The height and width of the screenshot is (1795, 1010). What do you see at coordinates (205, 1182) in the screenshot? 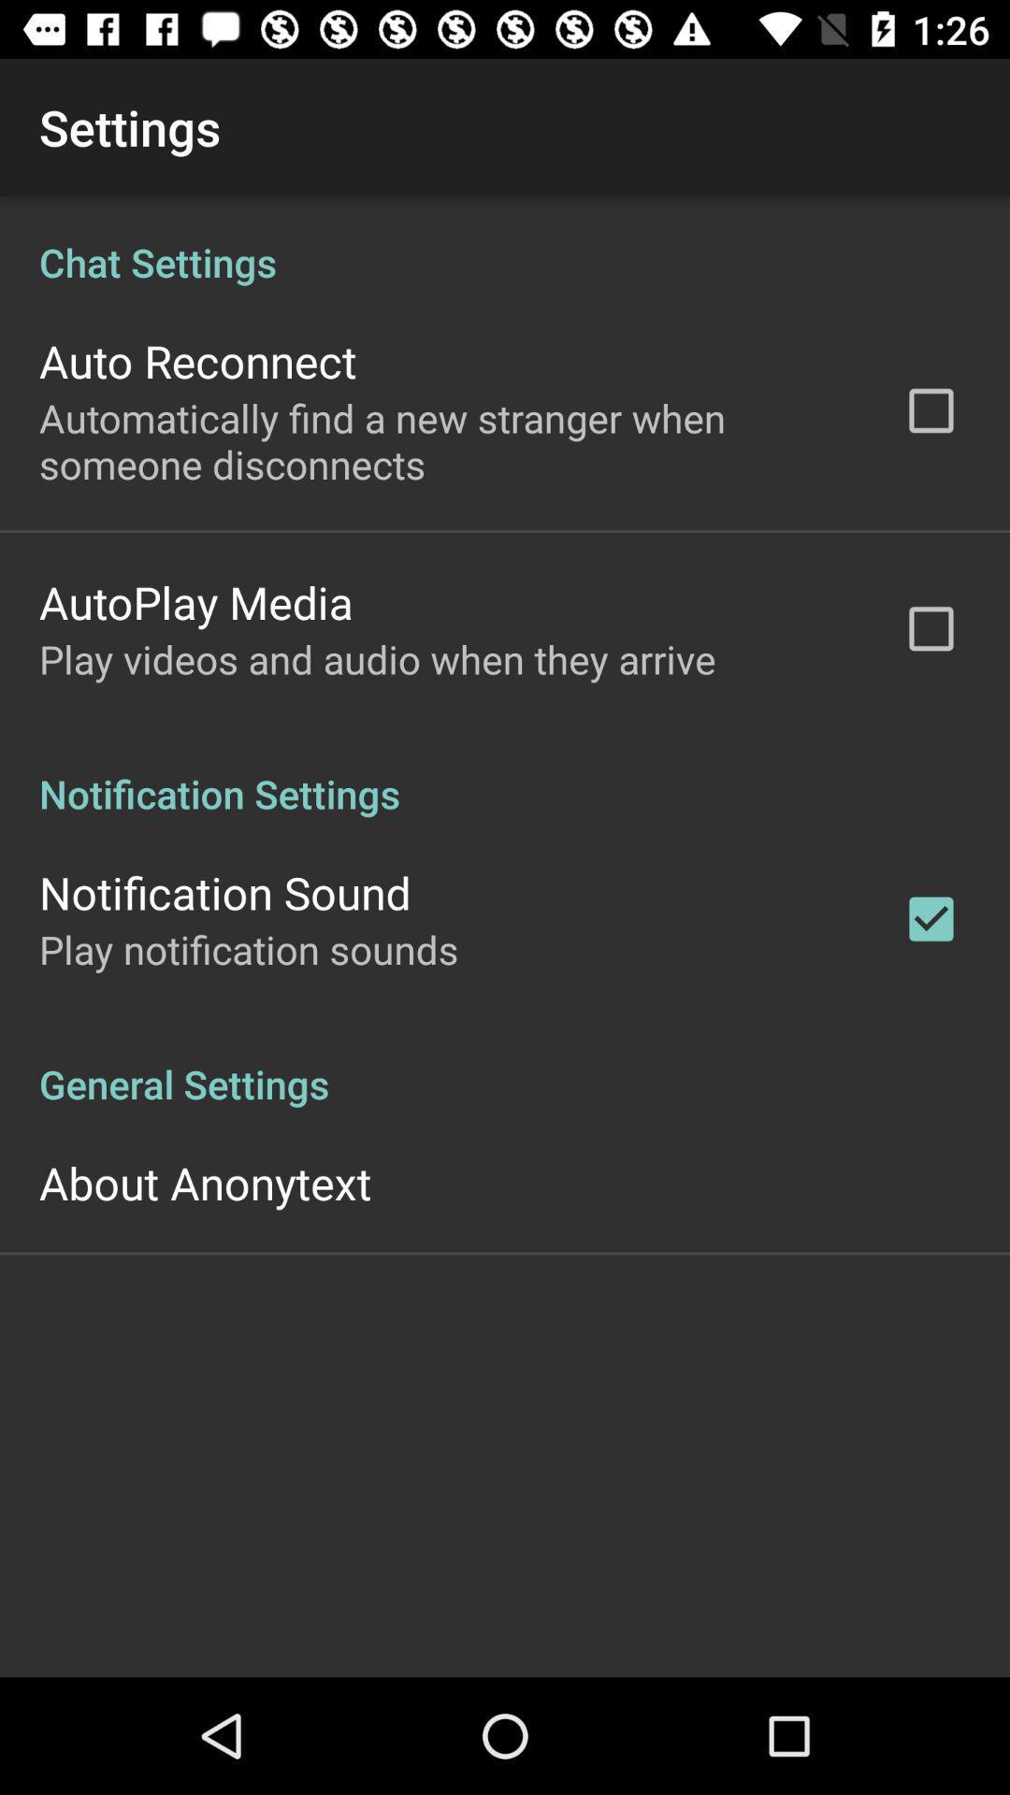
I see `the about anonytext icon` at bounding box center [205, 1182].